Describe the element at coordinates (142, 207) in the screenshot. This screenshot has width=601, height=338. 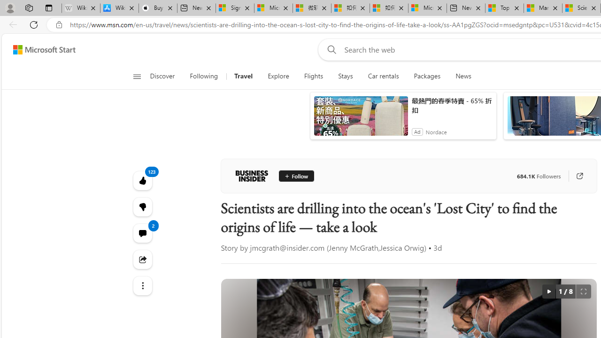
I see `'123'` at that location.